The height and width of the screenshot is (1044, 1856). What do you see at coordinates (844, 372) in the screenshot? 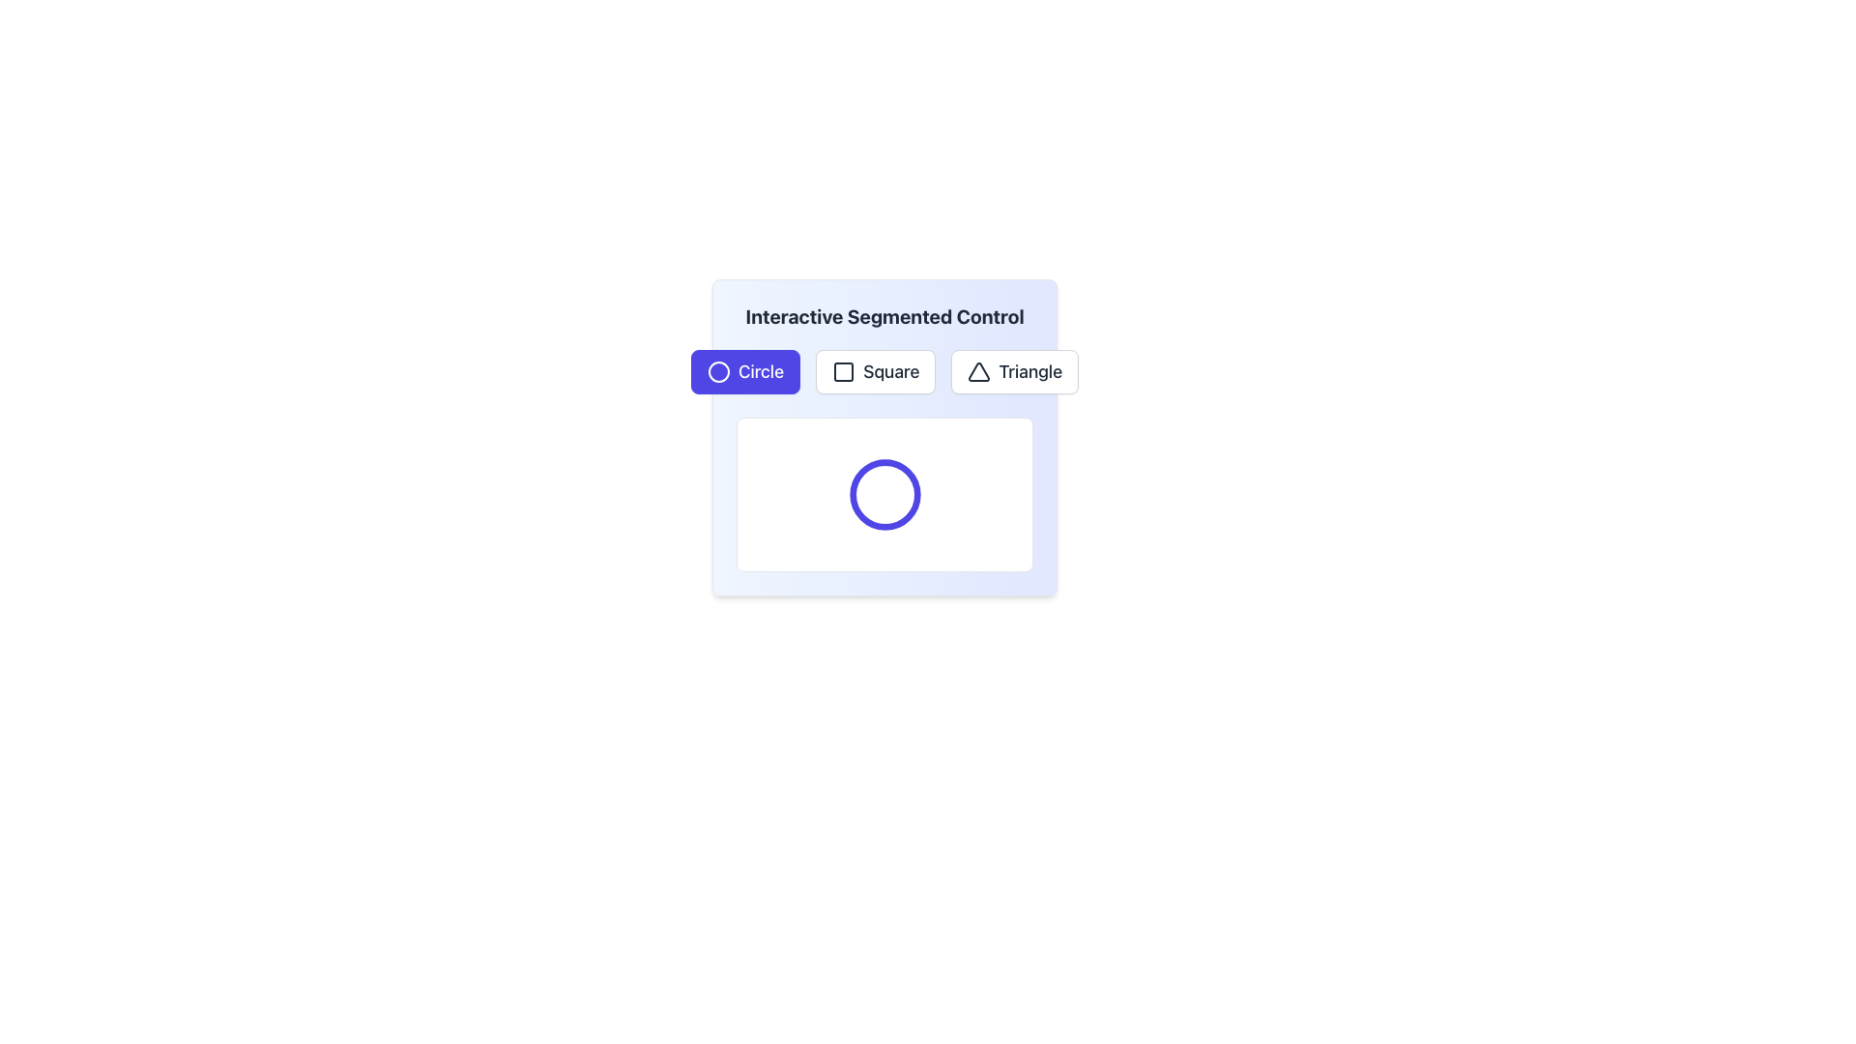
I see `the 'Square' icon in the segmented control to provide additional visual feedback` at bounding box center [844, 372].